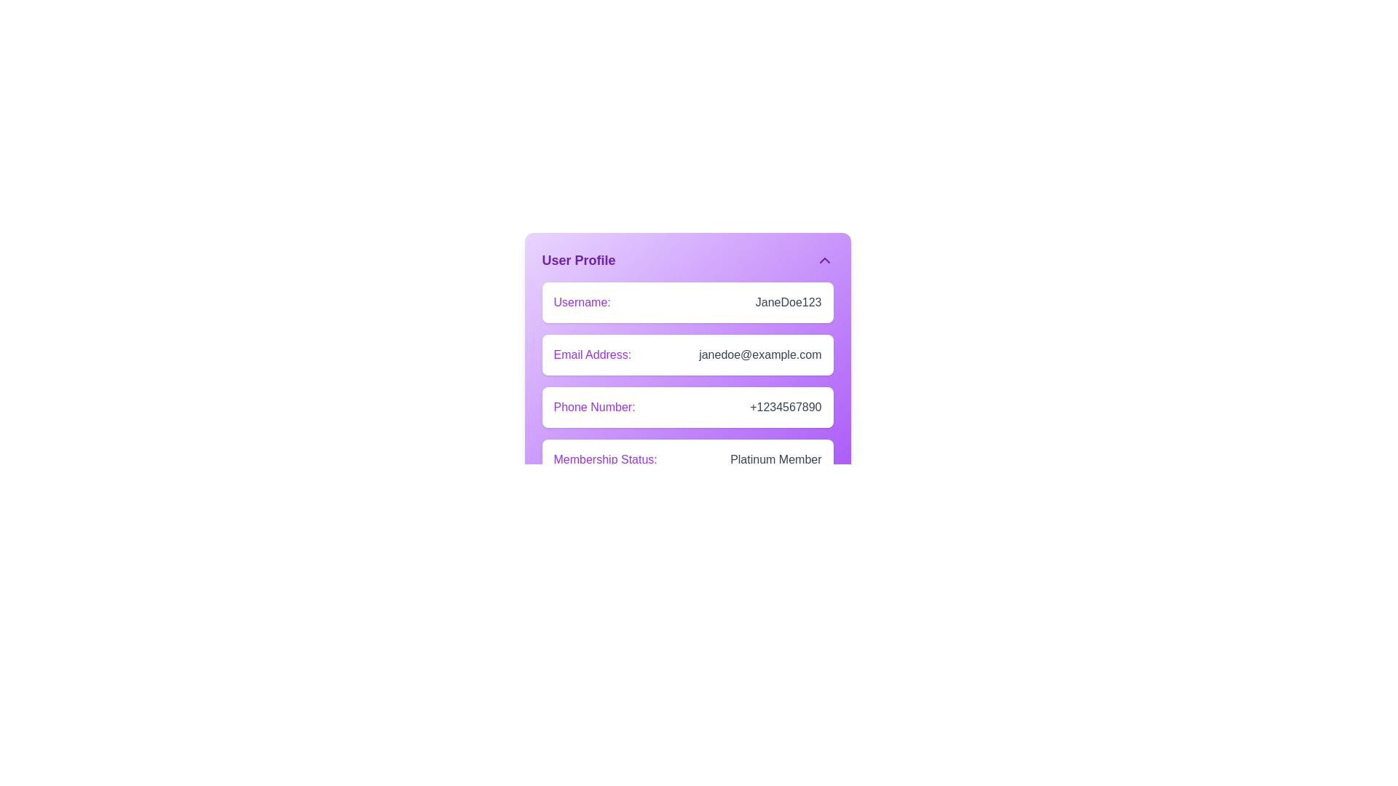 The image size is (1398, 786). Describe the element at coordinates (788, 302) in the screenshot. I see `the text label displaying 'JaneDoe123' which is styled in gray and changes to purple when hovered, located to the right of 'Username:' in a user profile interface` at that location.